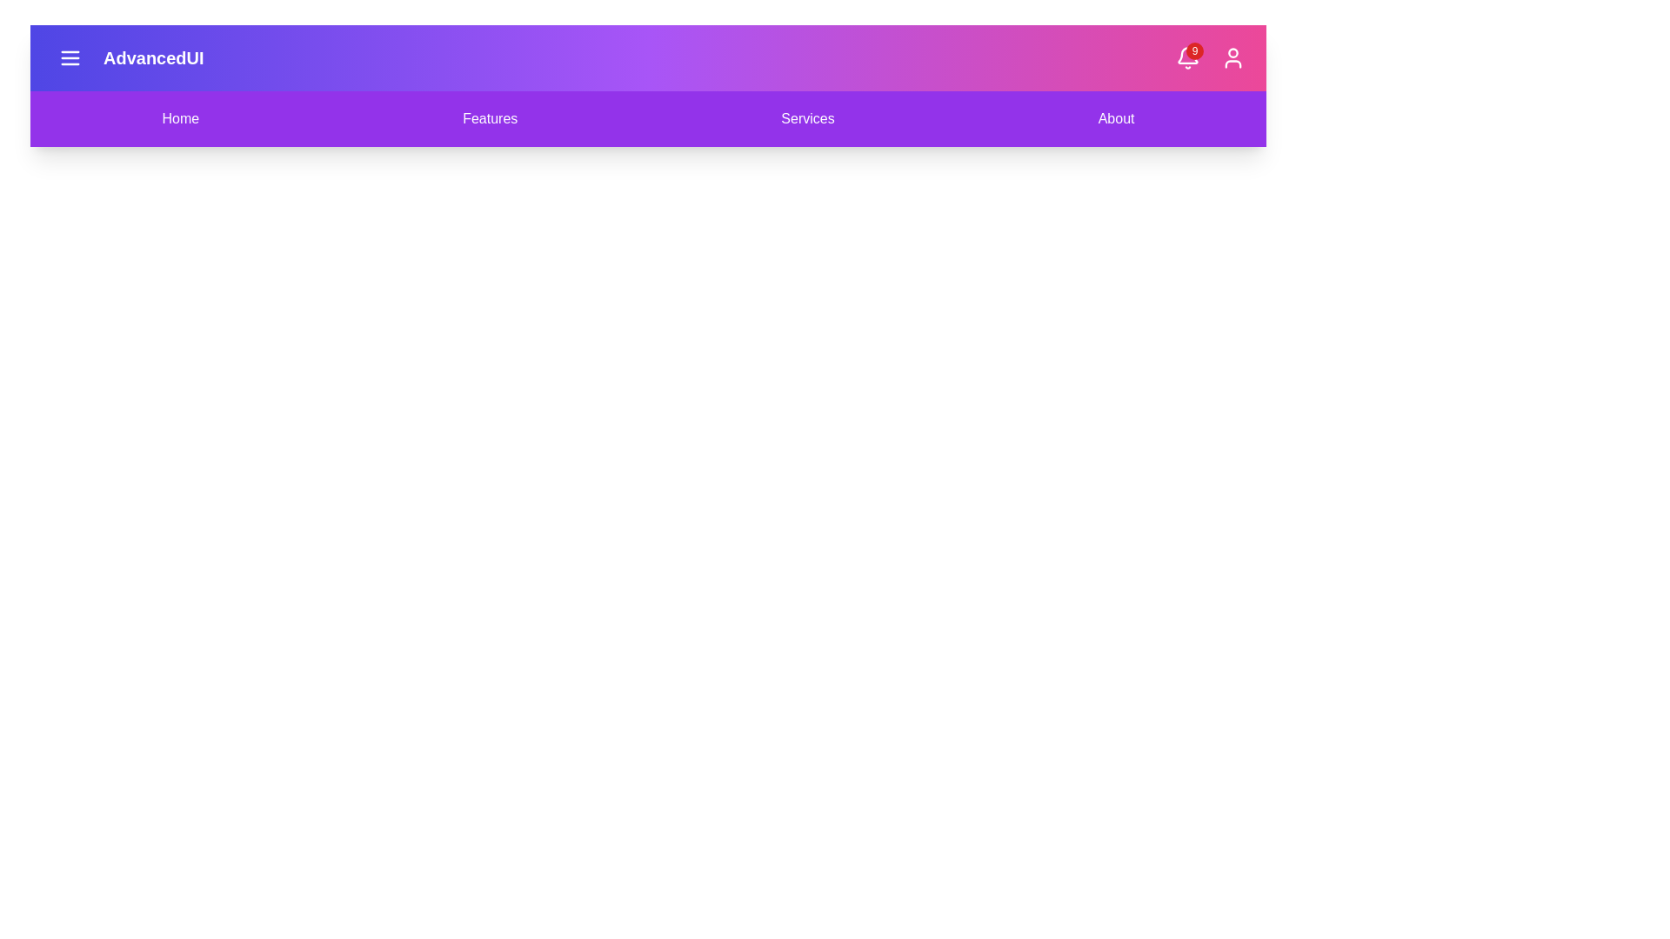 Image resolution: width=1670 pixels, height=939 pixels. Describe the element at coordinates (180, 118) in the screenshot. I see `the Home navigation menu item` at that location.